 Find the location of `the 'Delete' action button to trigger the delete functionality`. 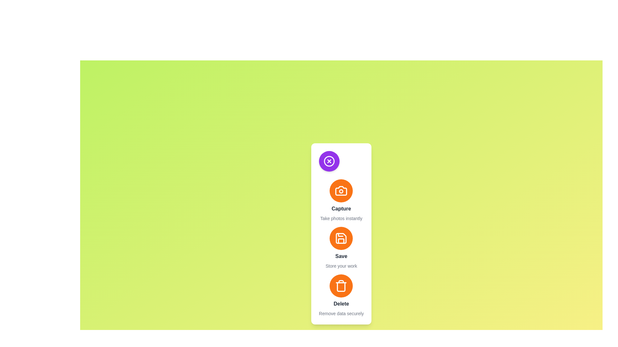

the 'Delete' action button to trigger the delete functionality is located at coordinates (341, 286).